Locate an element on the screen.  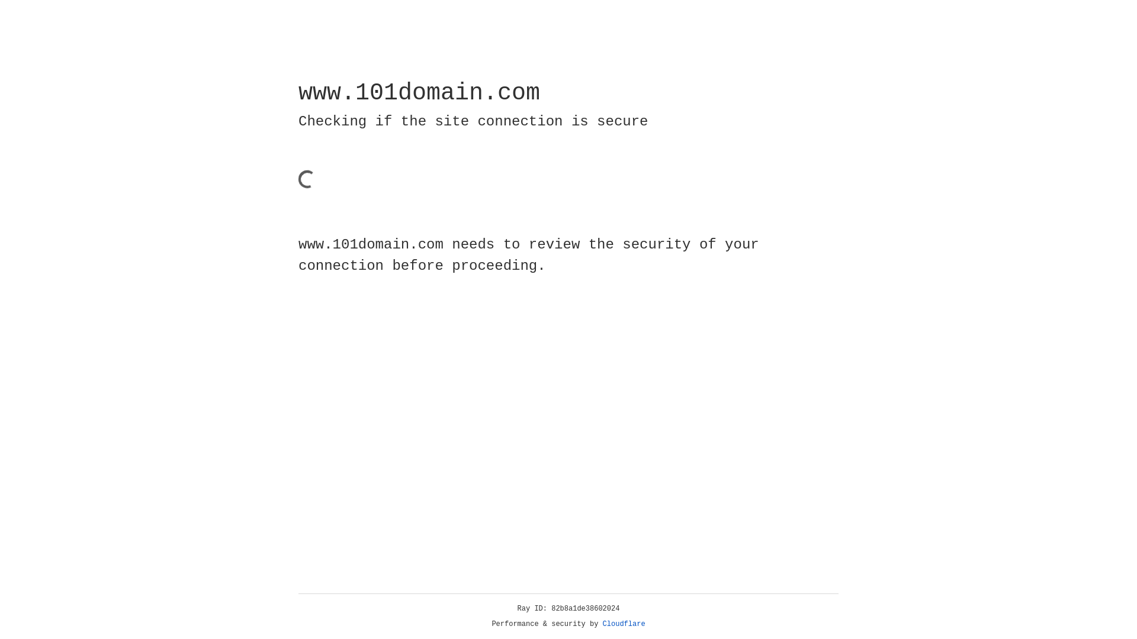
'Cloudflare' is located at coordinates (602, 624).